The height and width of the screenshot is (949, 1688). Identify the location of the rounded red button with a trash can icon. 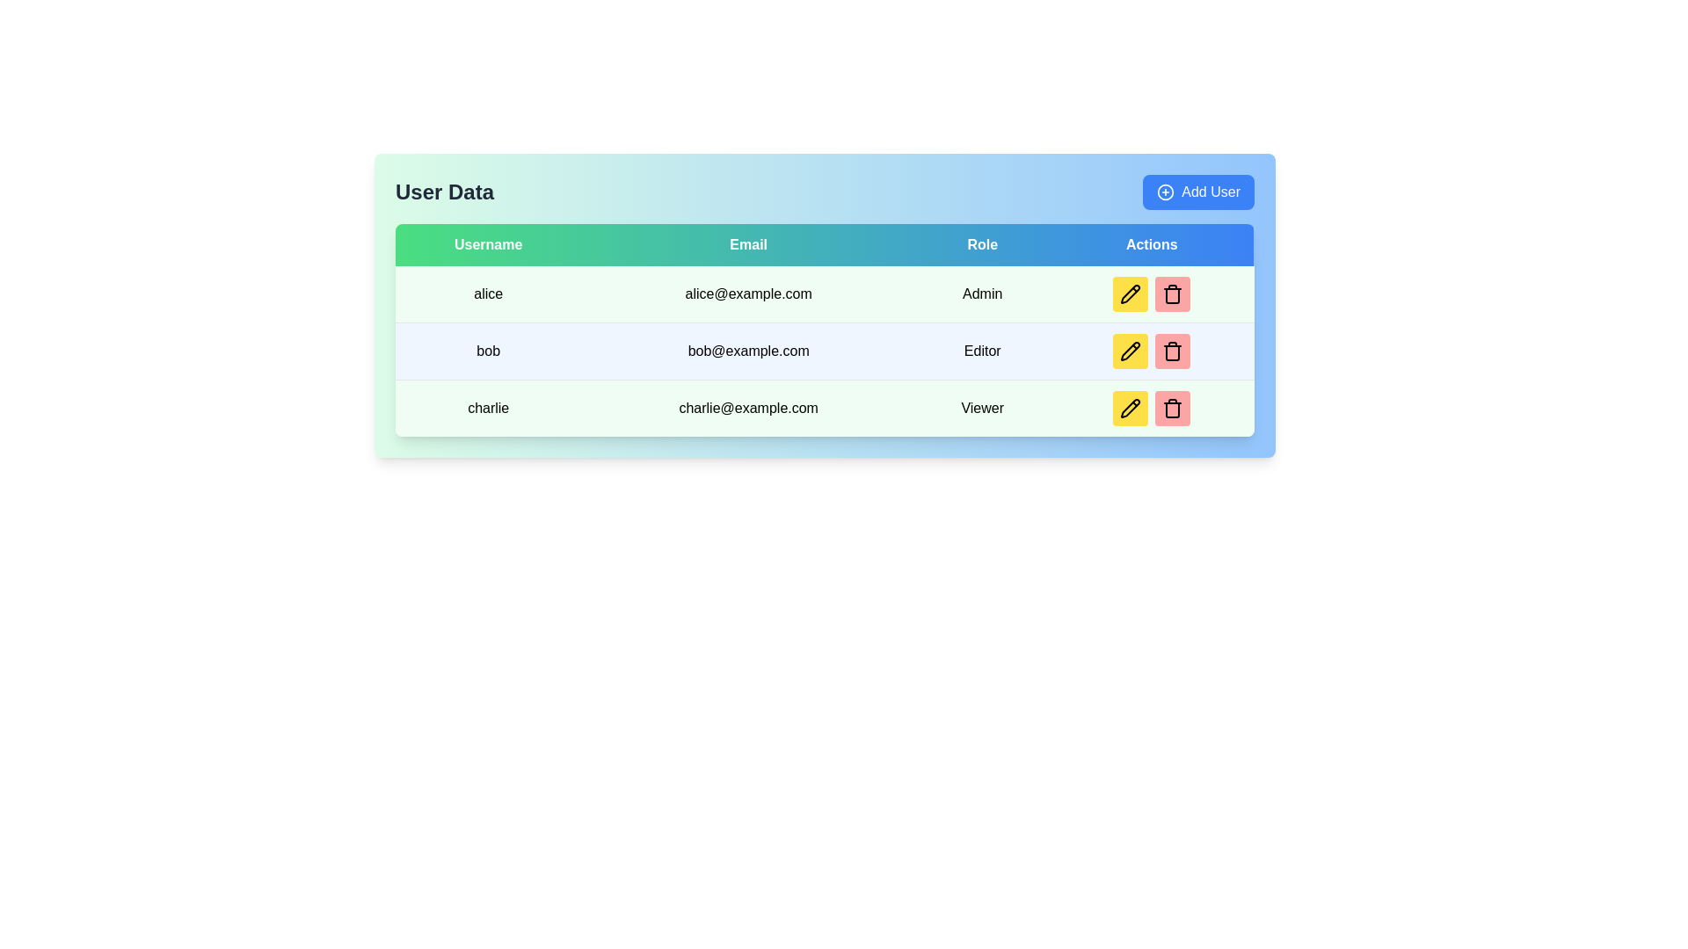
(1173, 293).